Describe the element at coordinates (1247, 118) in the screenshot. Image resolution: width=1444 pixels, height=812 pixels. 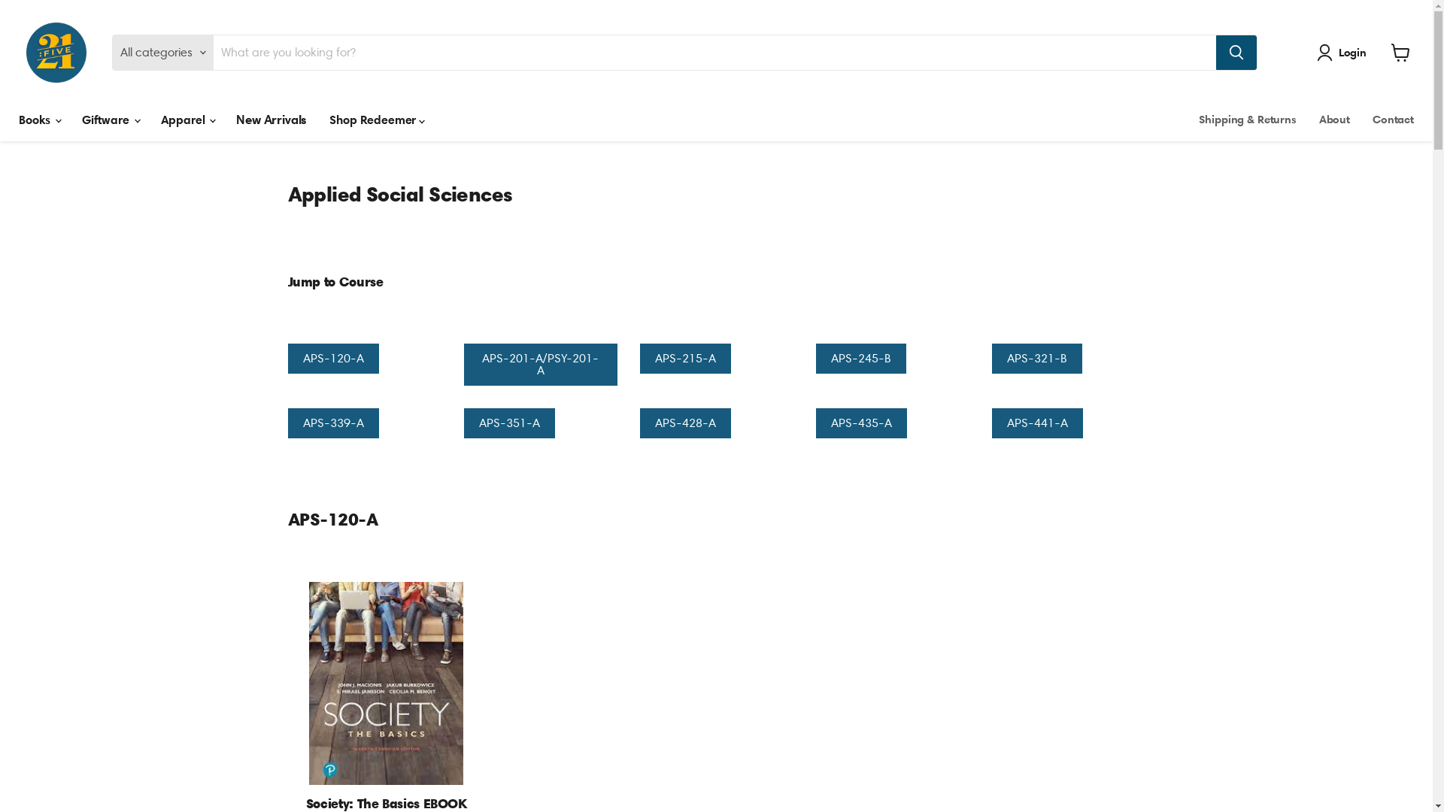
I see `'Shipping & Returns'` at that location.